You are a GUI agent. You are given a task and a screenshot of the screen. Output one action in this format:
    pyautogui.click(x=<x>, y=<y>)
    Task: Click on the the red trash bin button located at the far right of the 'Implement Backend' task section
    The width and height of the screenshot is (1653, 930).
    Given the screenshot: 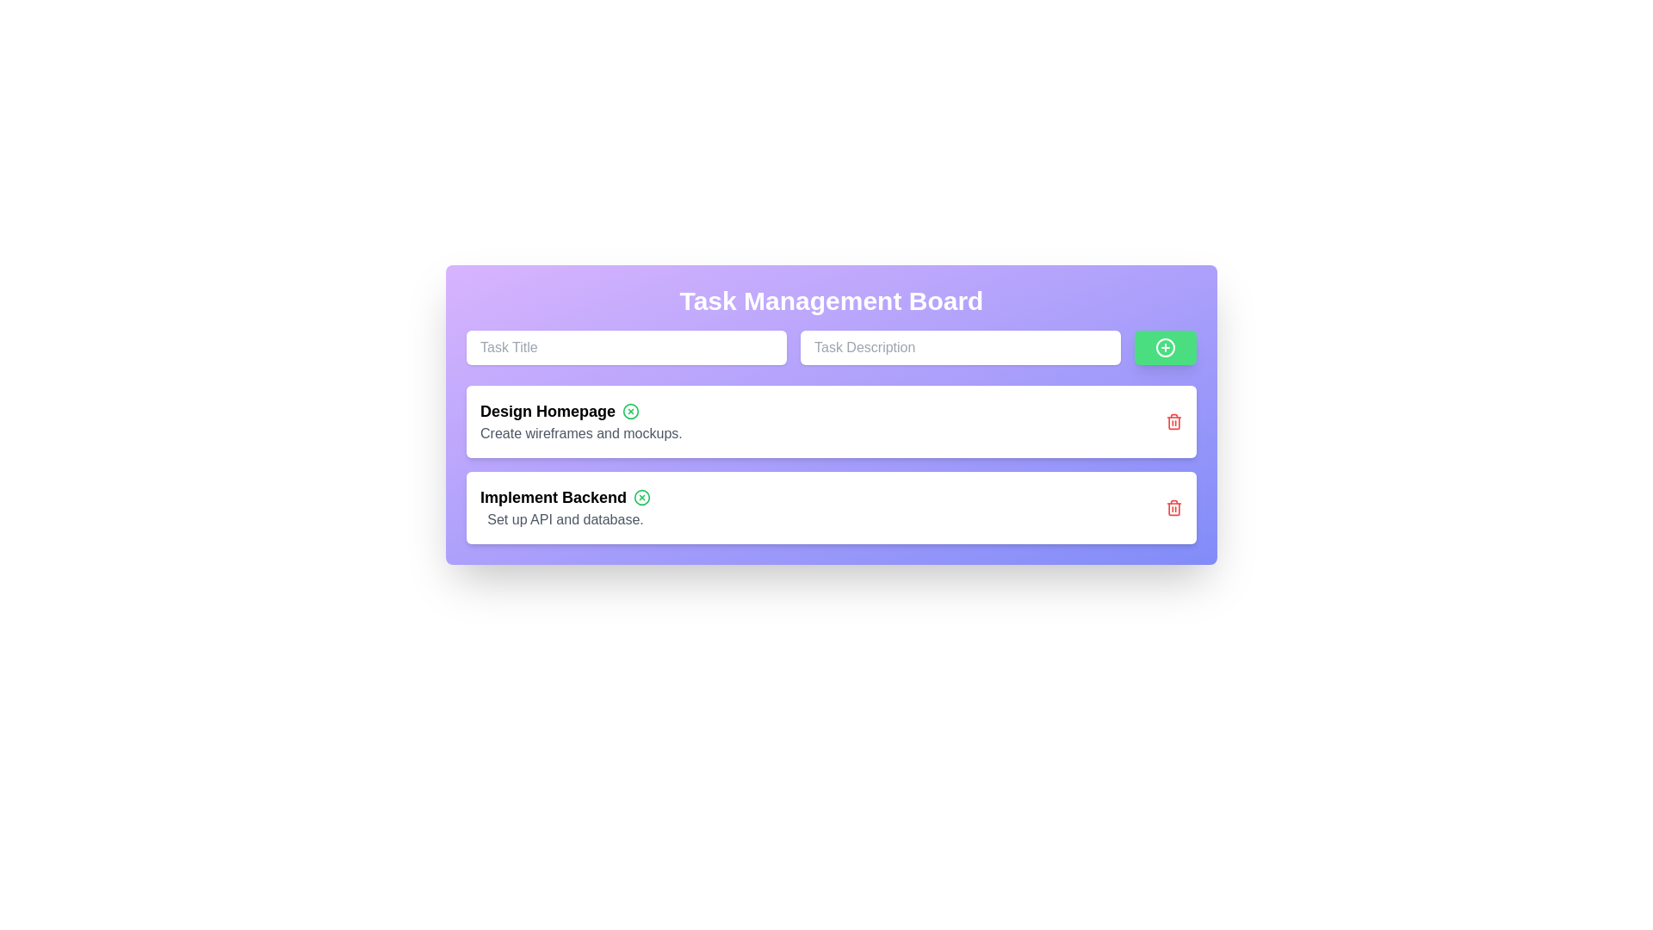 What is the action you would take?
    pyautogui.click(x=1173, y=507)
    